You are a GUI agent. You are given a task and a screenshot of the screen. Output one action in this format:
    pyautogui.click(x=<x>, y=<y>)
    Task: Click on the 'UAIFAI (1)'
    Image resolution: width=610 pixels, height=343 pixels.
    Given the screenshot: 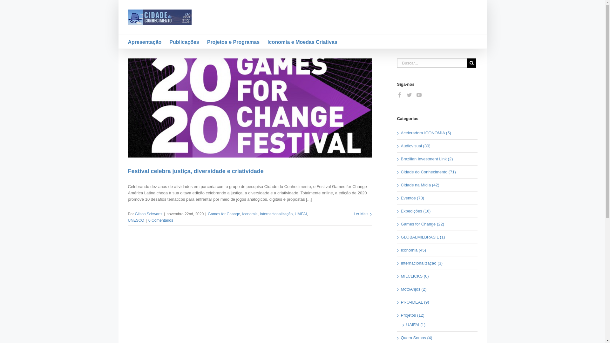 What is the action you would take?
    pyautogui.click(x=438, y=325)
    